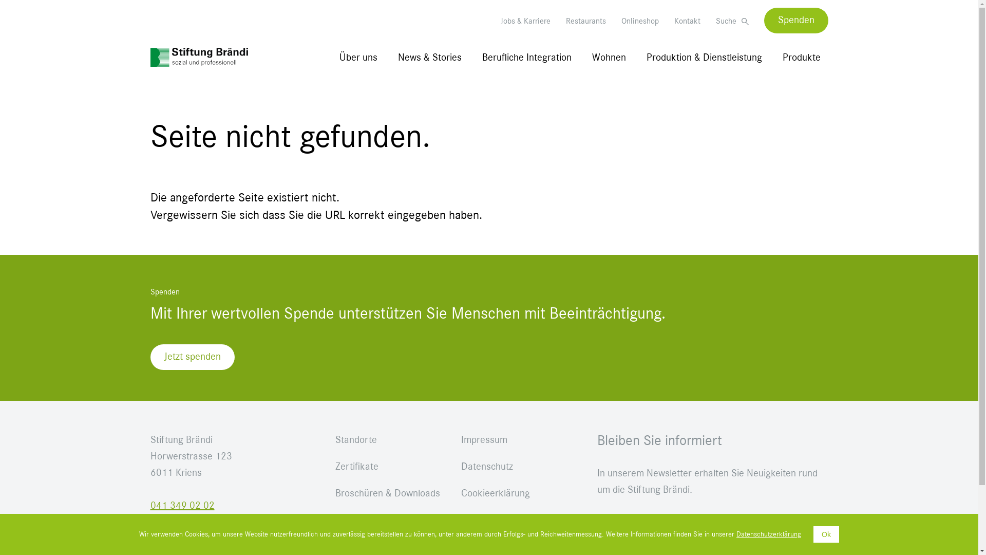 Image resolution: width=986 pixels, height=555 pixels. I want to click on 'stiftung@braendi.ch', so click(192, 522).